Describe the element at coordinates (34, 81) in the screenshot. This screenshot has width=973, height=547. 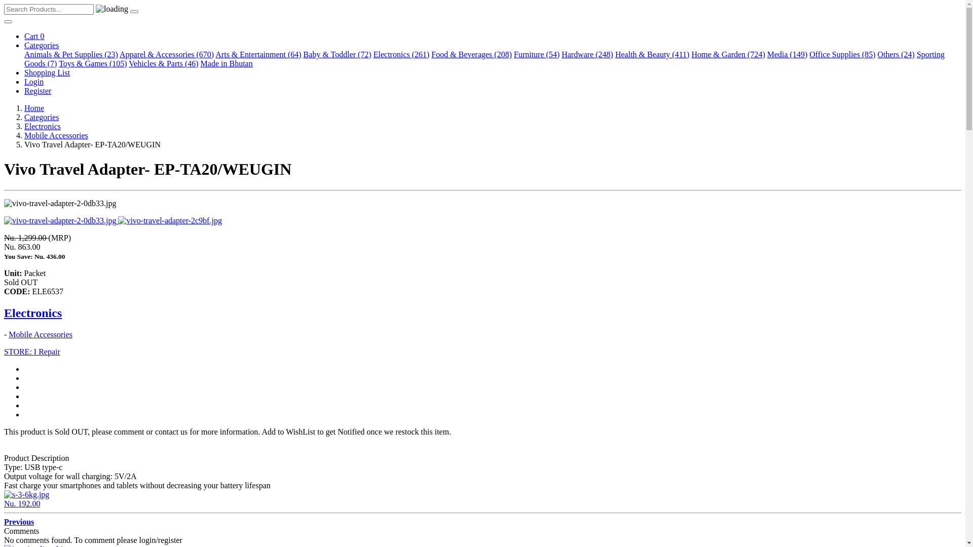
I see `'Login'` at that location.